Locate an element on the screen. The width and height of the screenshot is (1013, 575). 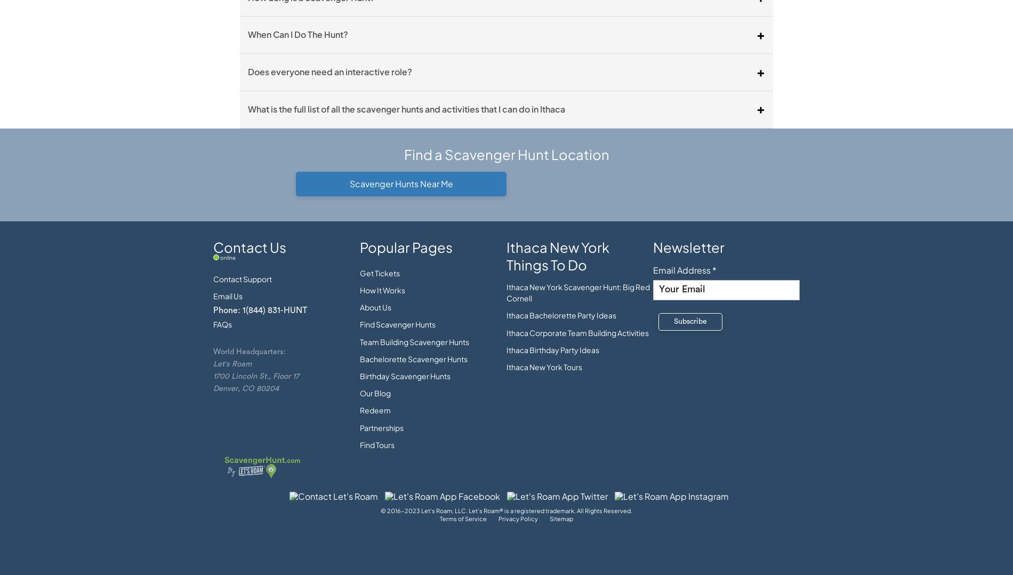
'Birthday Scavenger Hunts' is located at coordinates (405, 375).